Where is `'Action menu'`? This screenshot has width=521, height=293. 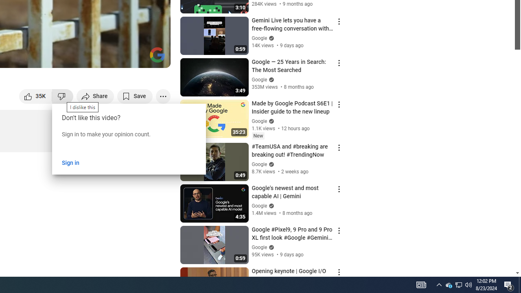 'Action menu' is located at coordinates (339, 272).